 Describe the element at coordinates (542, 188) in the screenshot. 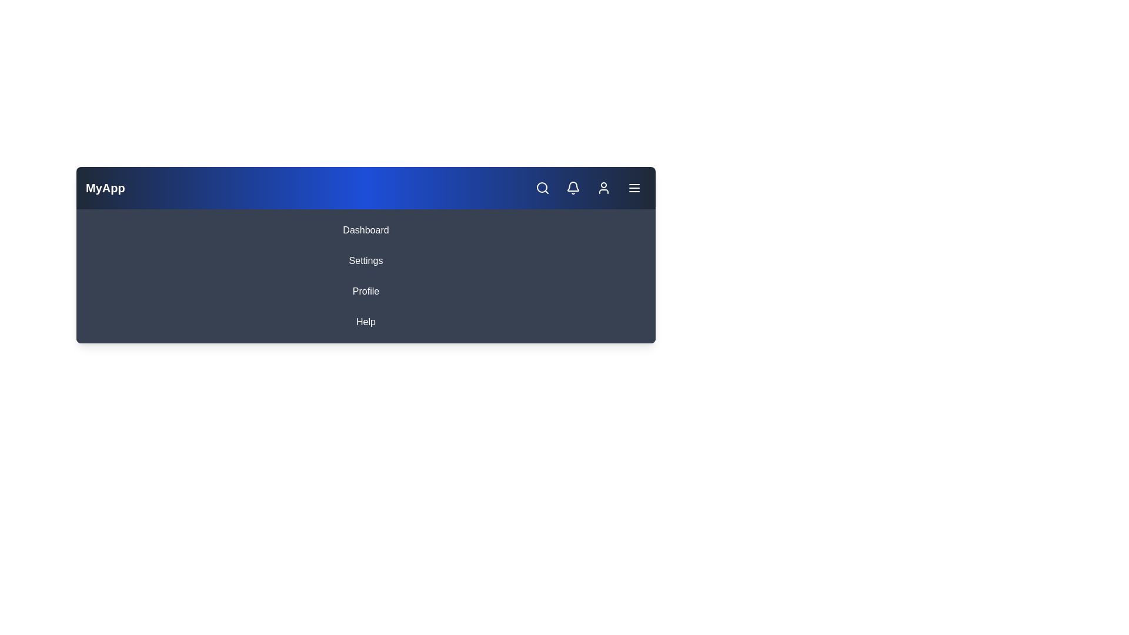

I see `the search button to activate it` at that location.